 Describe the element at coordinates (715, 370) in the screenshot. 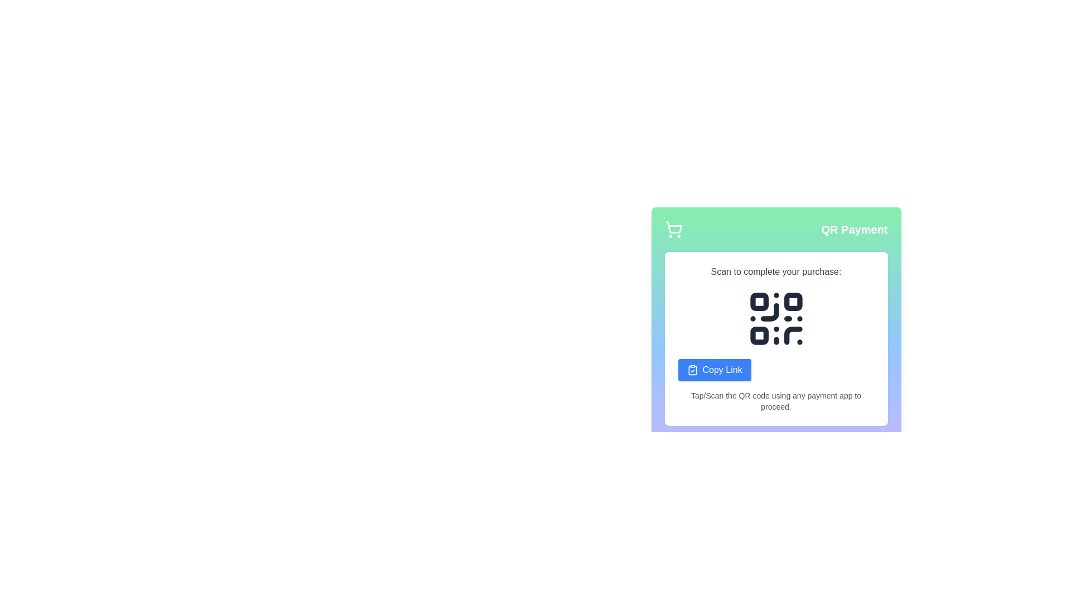

I see `the 'Copy Link' button with a blue background and clipboard icon` at that location.